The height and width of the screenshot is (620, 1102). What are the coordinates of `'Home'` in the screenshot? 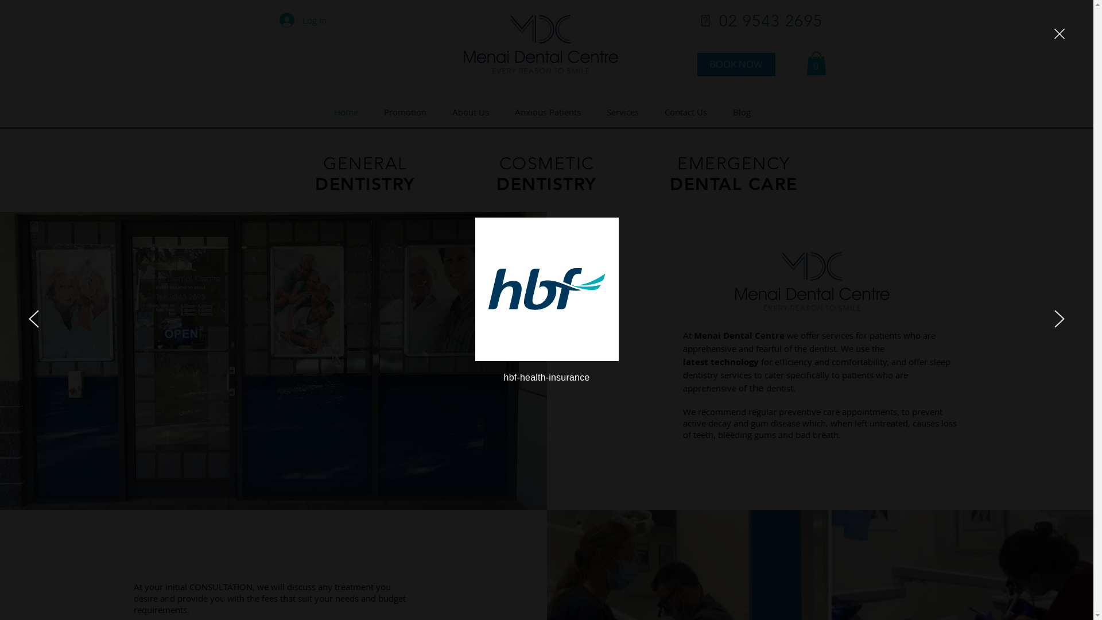 It's located at (324, 111).